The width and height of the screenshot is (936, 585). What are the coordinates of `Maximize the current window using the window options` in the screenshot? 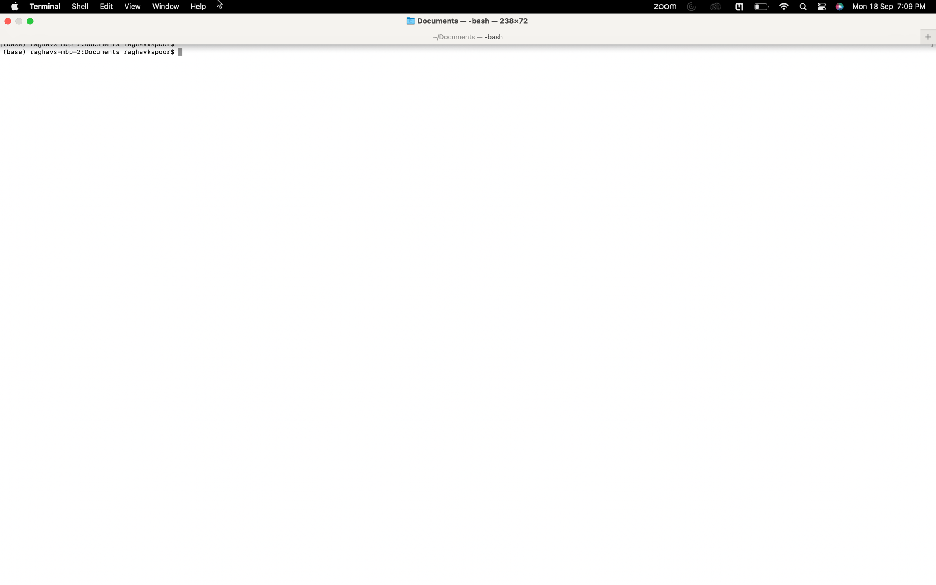 It's located at (165, 7).